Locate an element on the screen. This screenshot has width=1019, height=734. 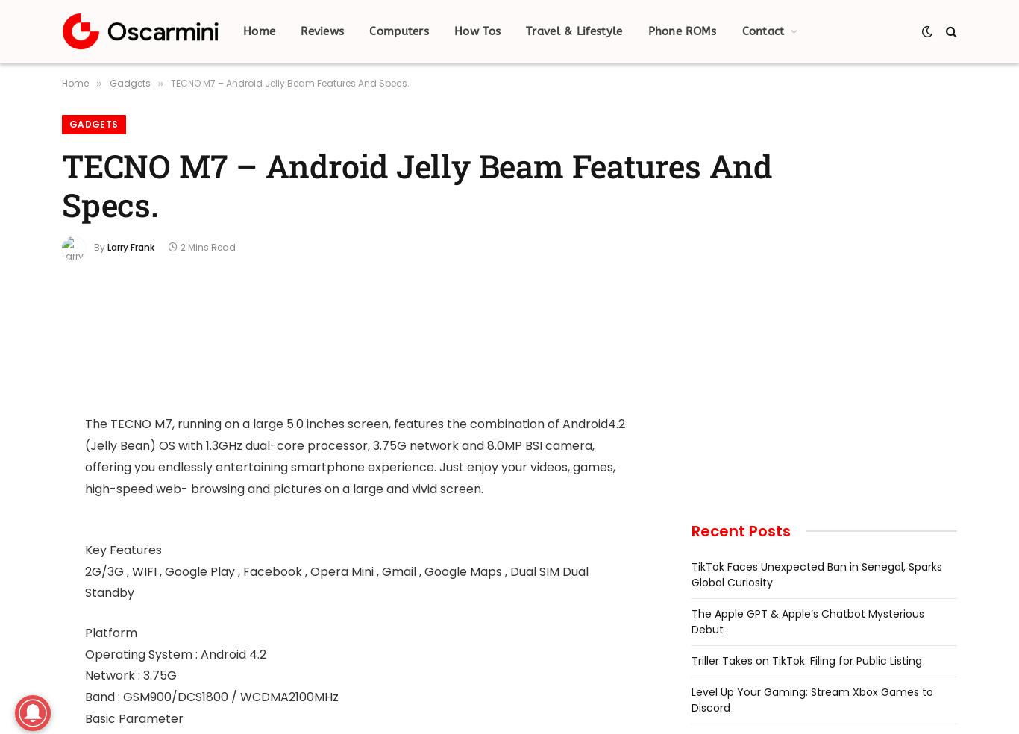
'Recent Posts' is located at coordinates (741, 530).